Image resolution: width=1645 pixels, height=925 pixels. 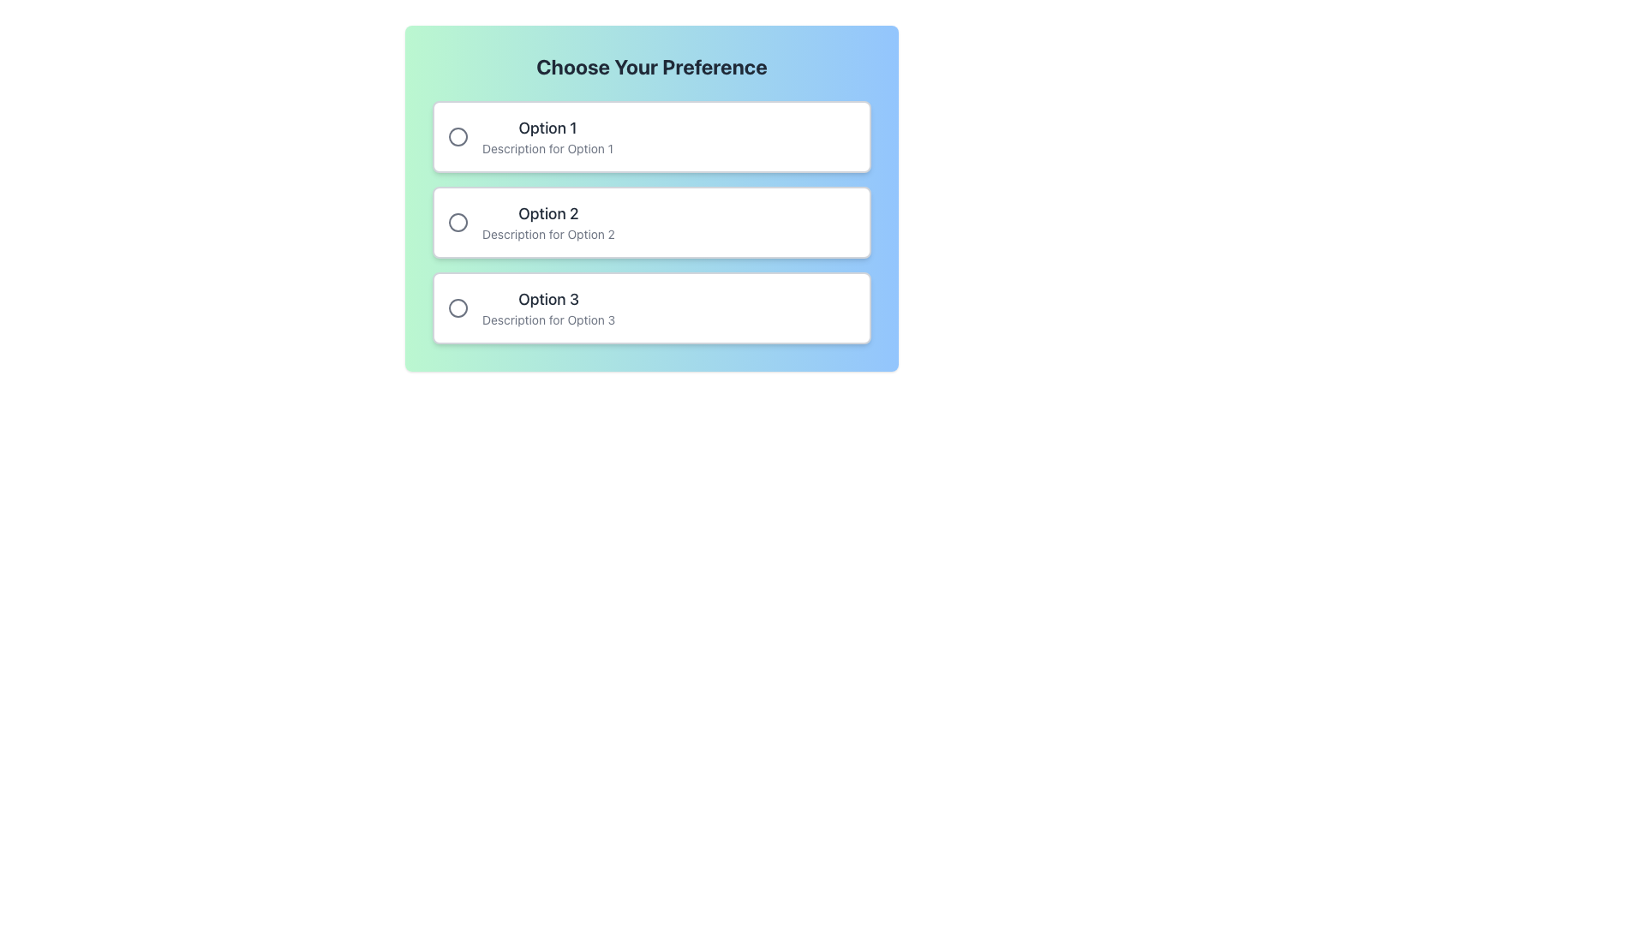 What do you see at coordinates (548, 307) in the screenshot?
I see `the text label that displays 'Option 3' with a bold, dark gray font and a description below it` at bounding box center [548, 307].